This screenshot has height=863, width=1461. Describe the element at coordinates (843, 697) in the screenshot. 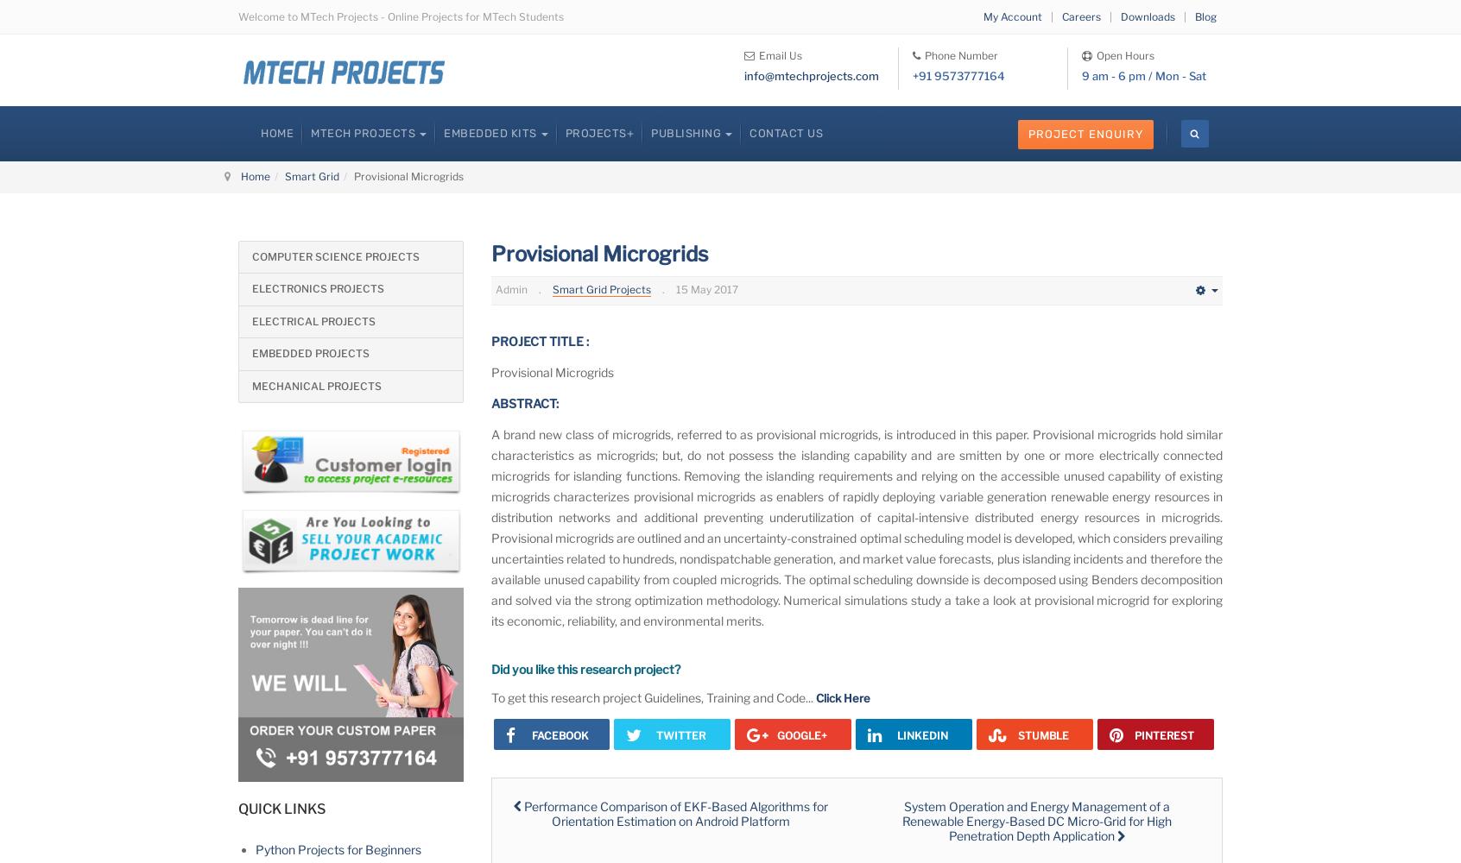

I see `'Click Here'` at that location.